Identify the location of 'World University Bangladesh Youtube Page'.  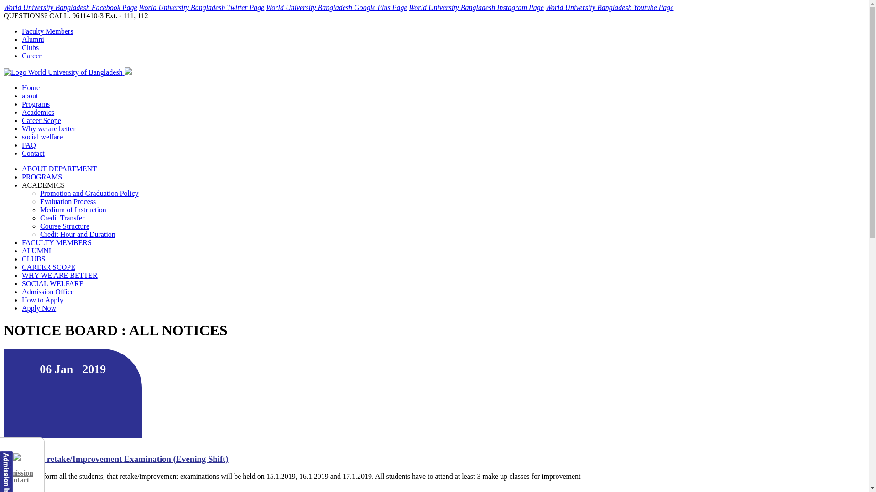
(610, 7).